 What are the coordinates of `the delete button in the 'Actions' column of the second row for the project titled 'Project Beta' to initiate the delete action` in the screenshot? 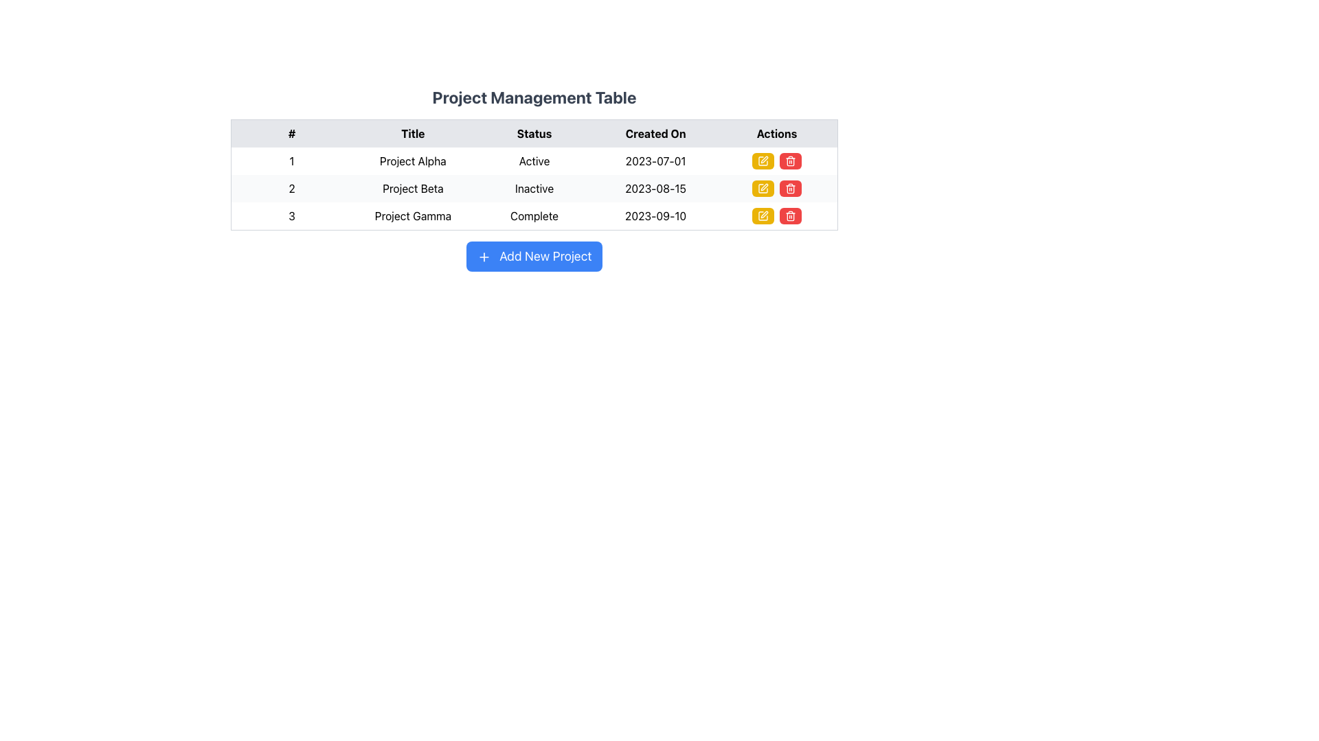 It's located at (776, 188).